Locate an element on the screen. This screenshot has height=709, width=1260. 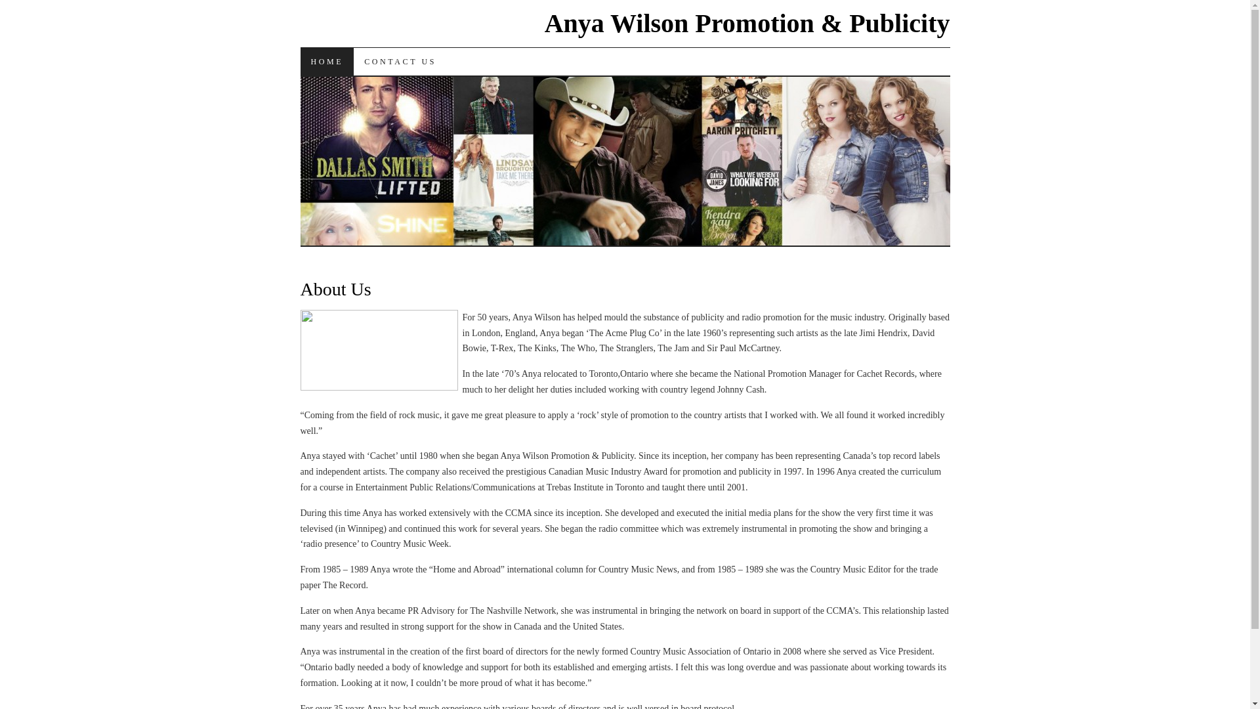
'HOME' is located at coordinates (299, 61).